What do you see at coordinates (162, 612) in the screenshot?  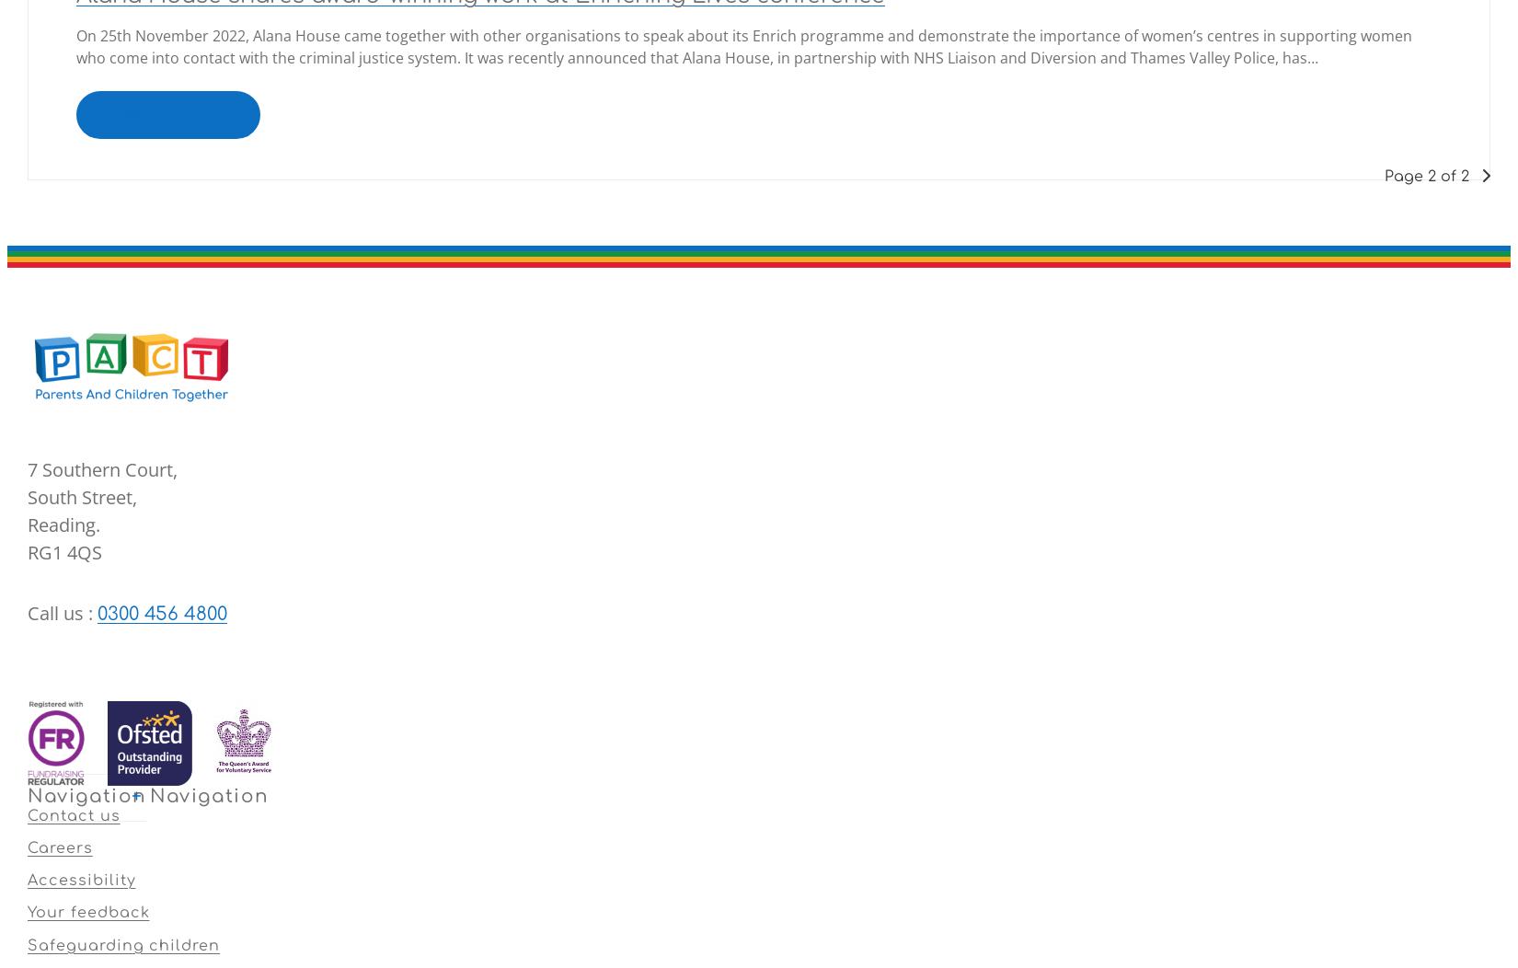 I see `'0300 456 4800'` at bounding box center [162, 612].